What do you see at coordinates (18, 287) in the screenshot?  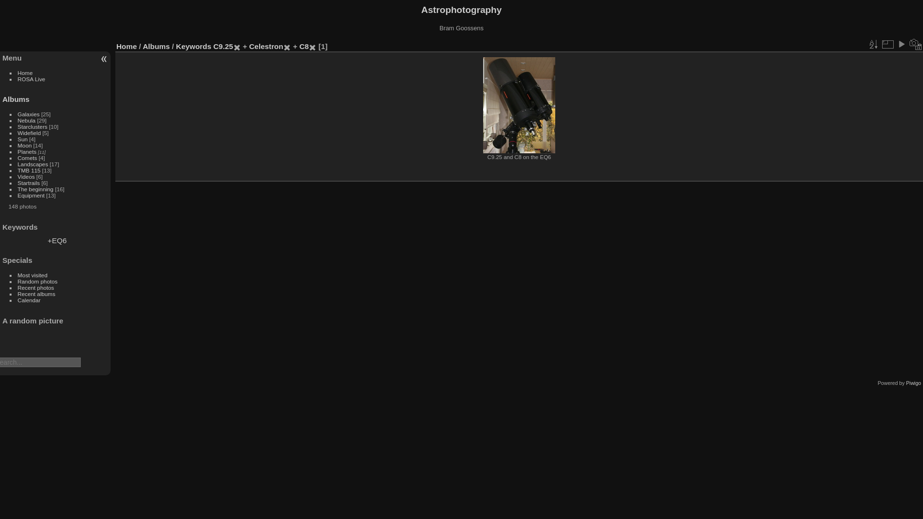 I see `'Recent photos'` at bounding box center [18, 287].